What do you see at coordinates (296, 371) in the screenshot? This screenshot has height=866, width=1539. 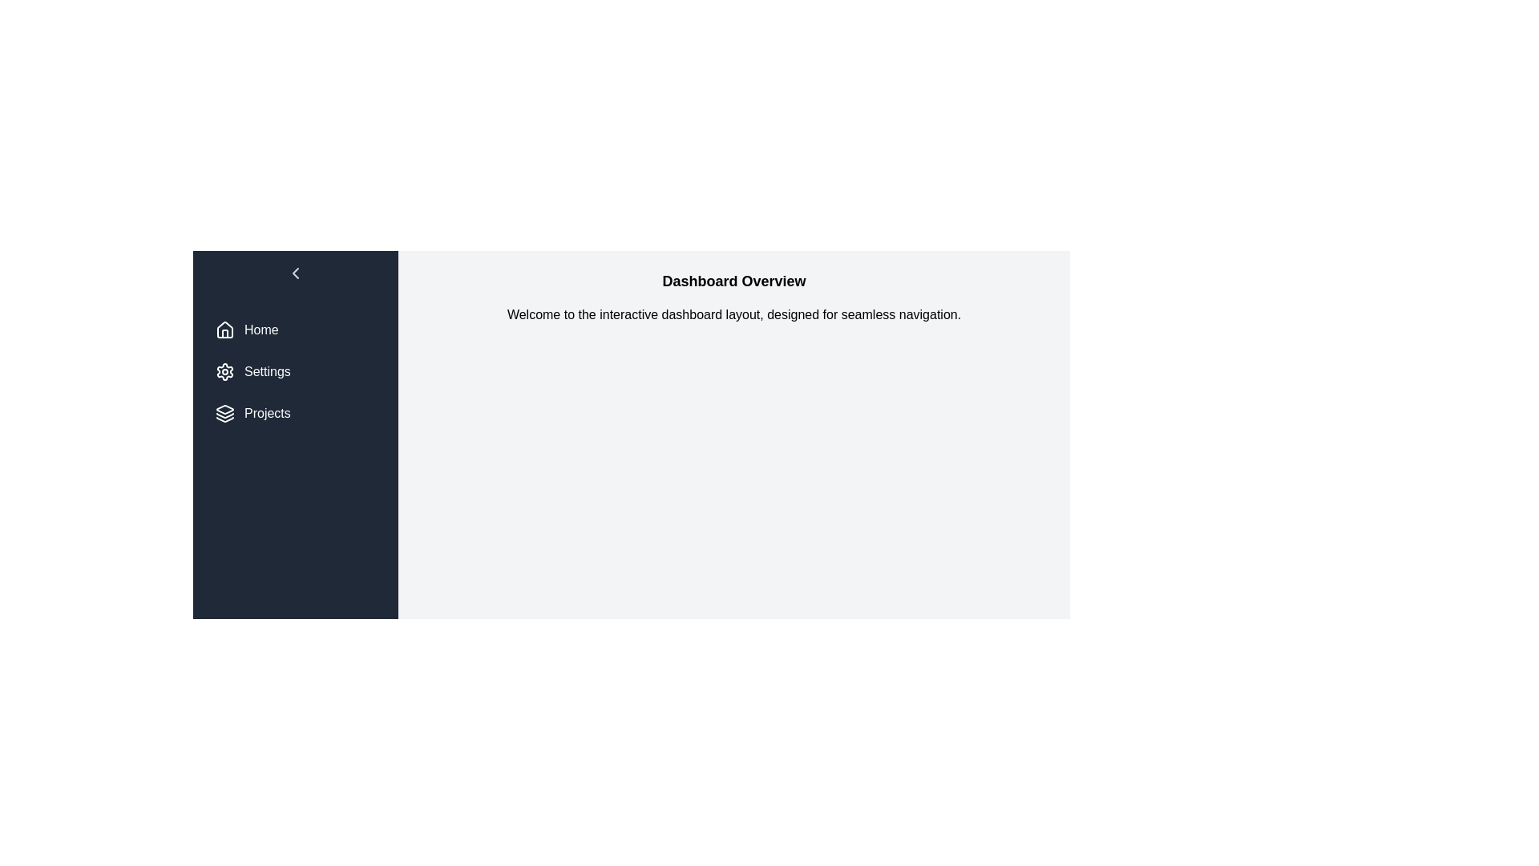 I see `one of the items (Home, Settings, Projects) in the second block of the left menu sidebar` at bounding box center [296, 371].